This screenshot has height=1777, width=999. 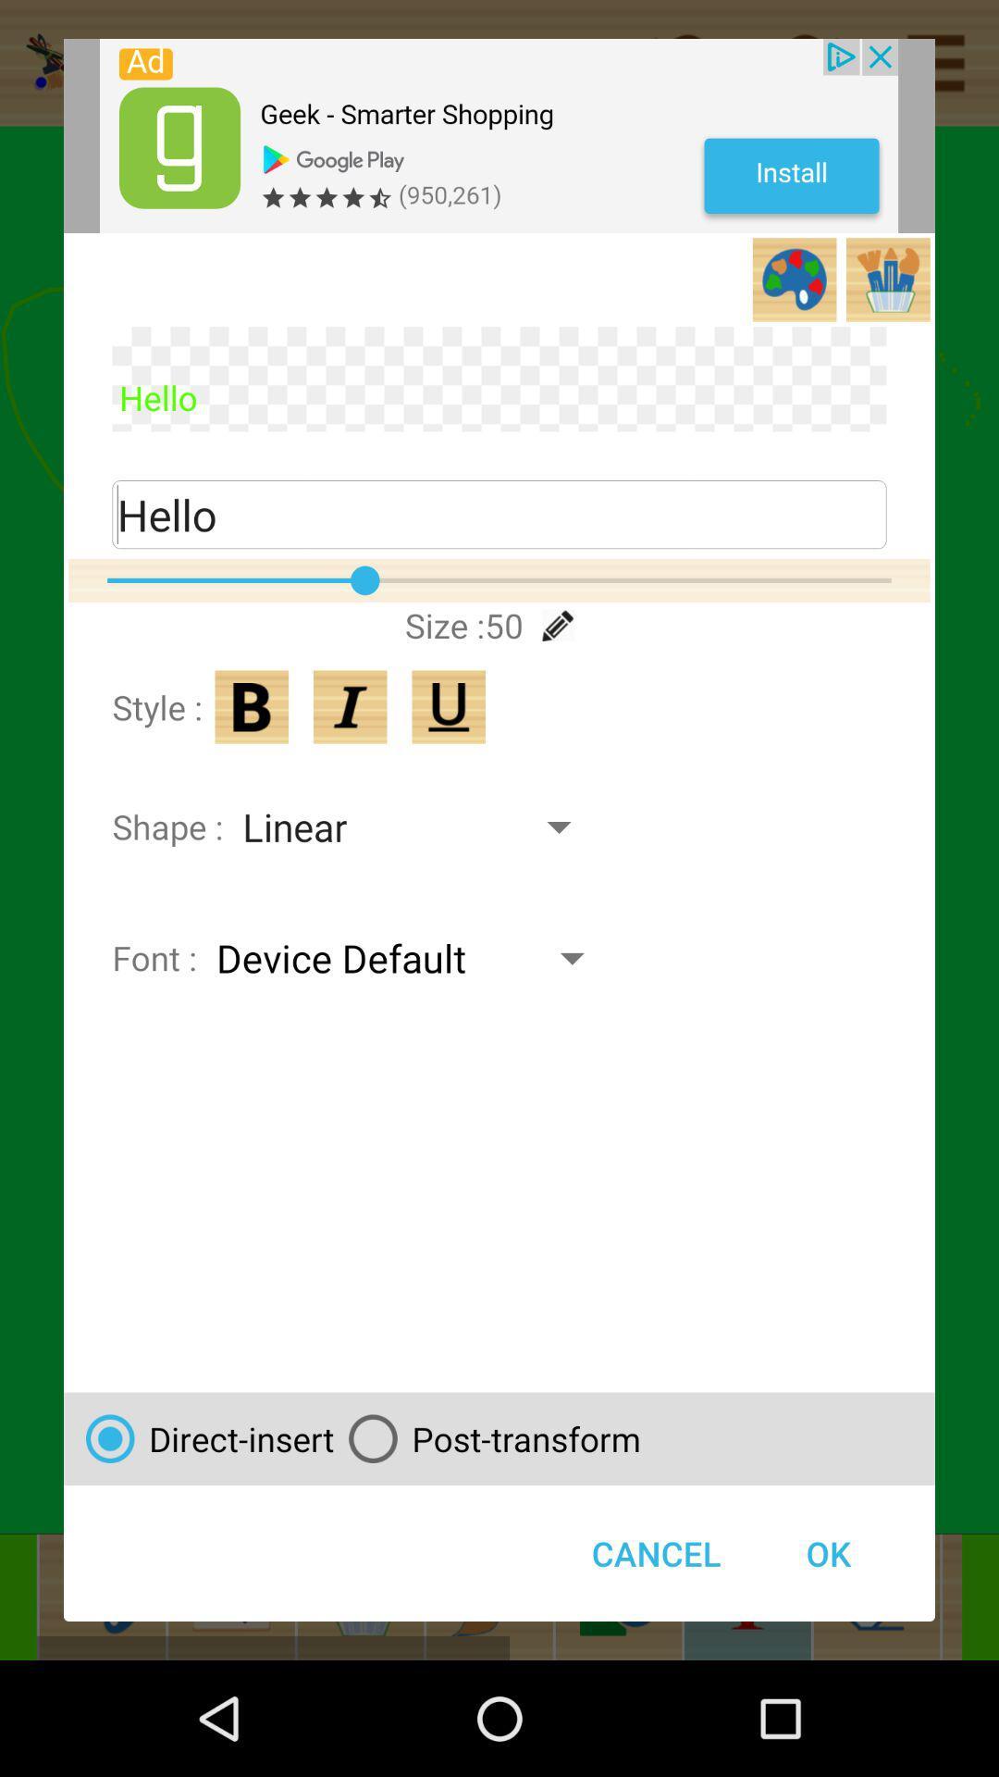 What do you see at coordinates (350, 706) in the screenshot?
I see `italics` at bounding box center [350, 706].